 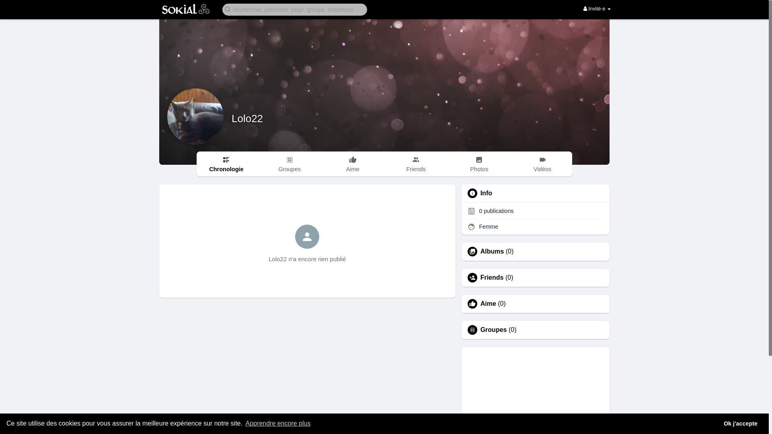 What do you see at coordinates (278, 423) in the screenshot?
I see `'Apprendre encore plus'` at bounding box center [278, 423].